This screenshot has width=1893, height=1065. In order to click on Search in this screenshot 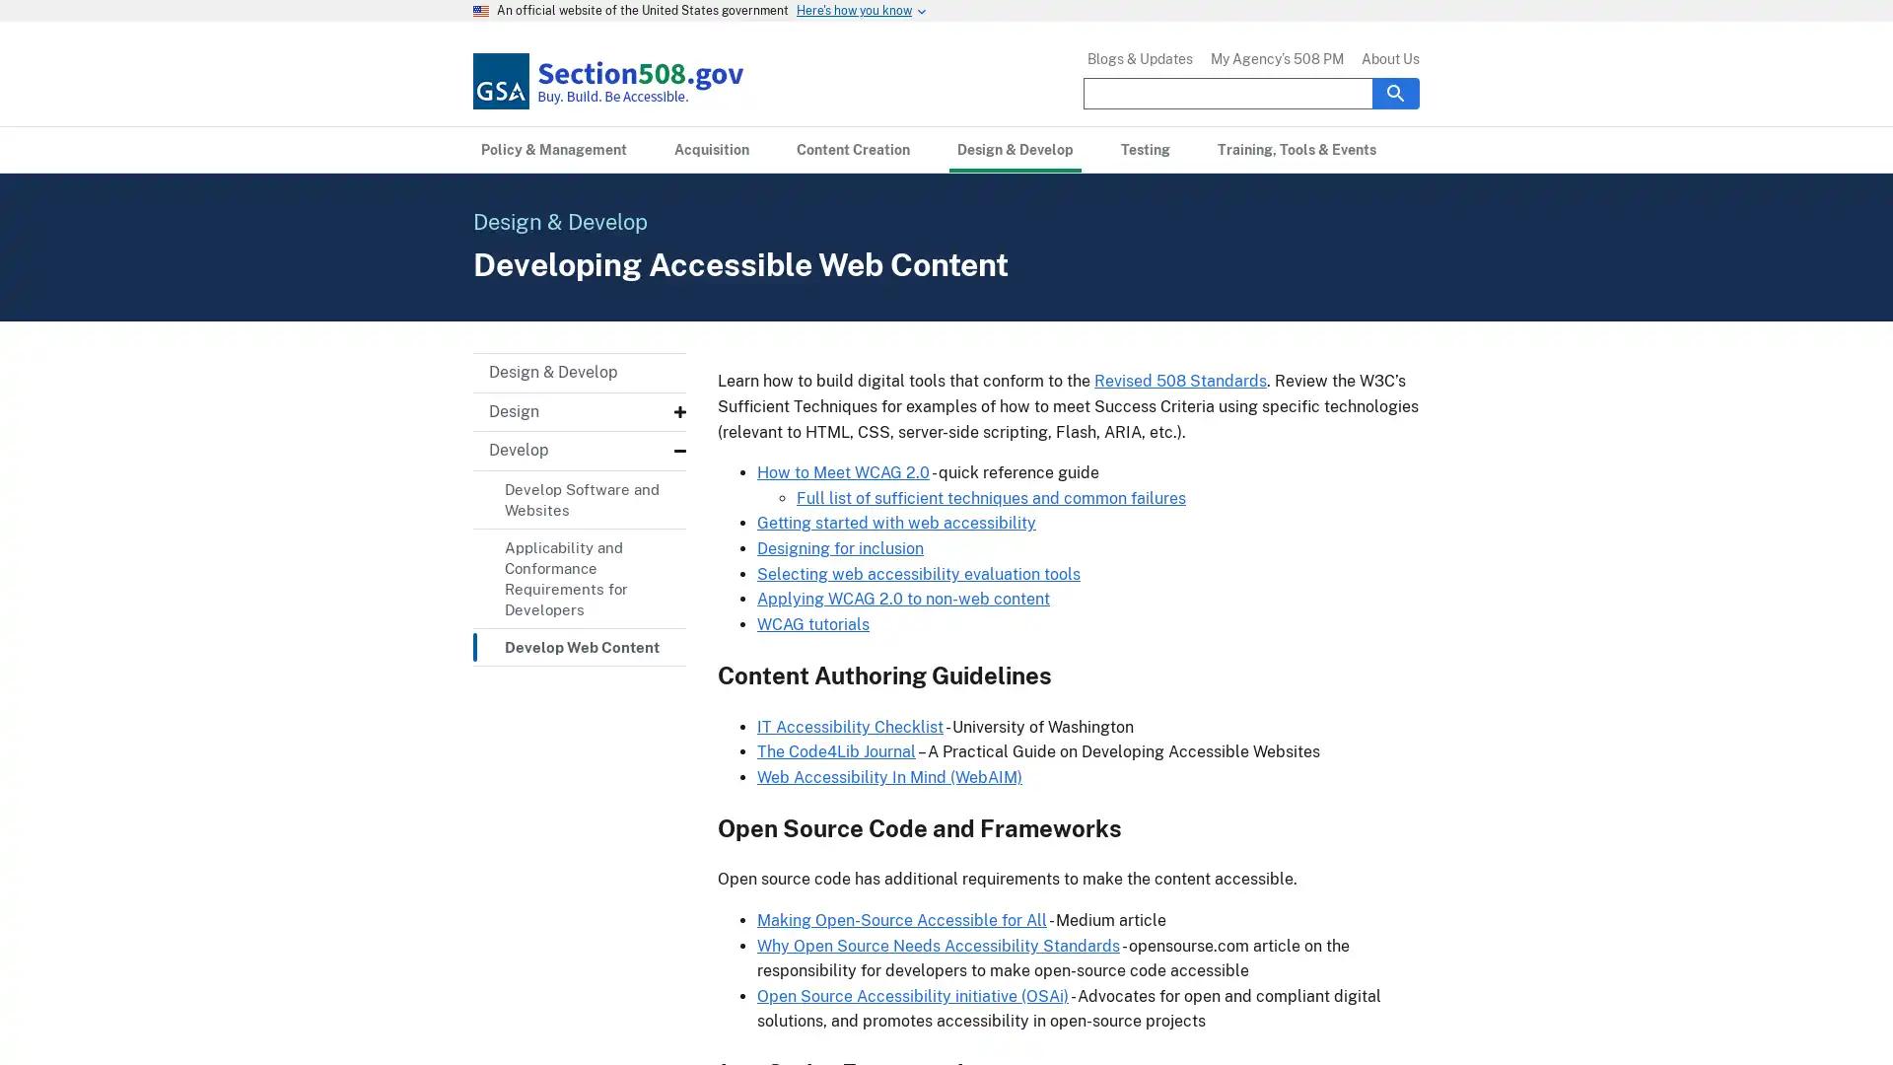, I will do `click(1395, 92)`.